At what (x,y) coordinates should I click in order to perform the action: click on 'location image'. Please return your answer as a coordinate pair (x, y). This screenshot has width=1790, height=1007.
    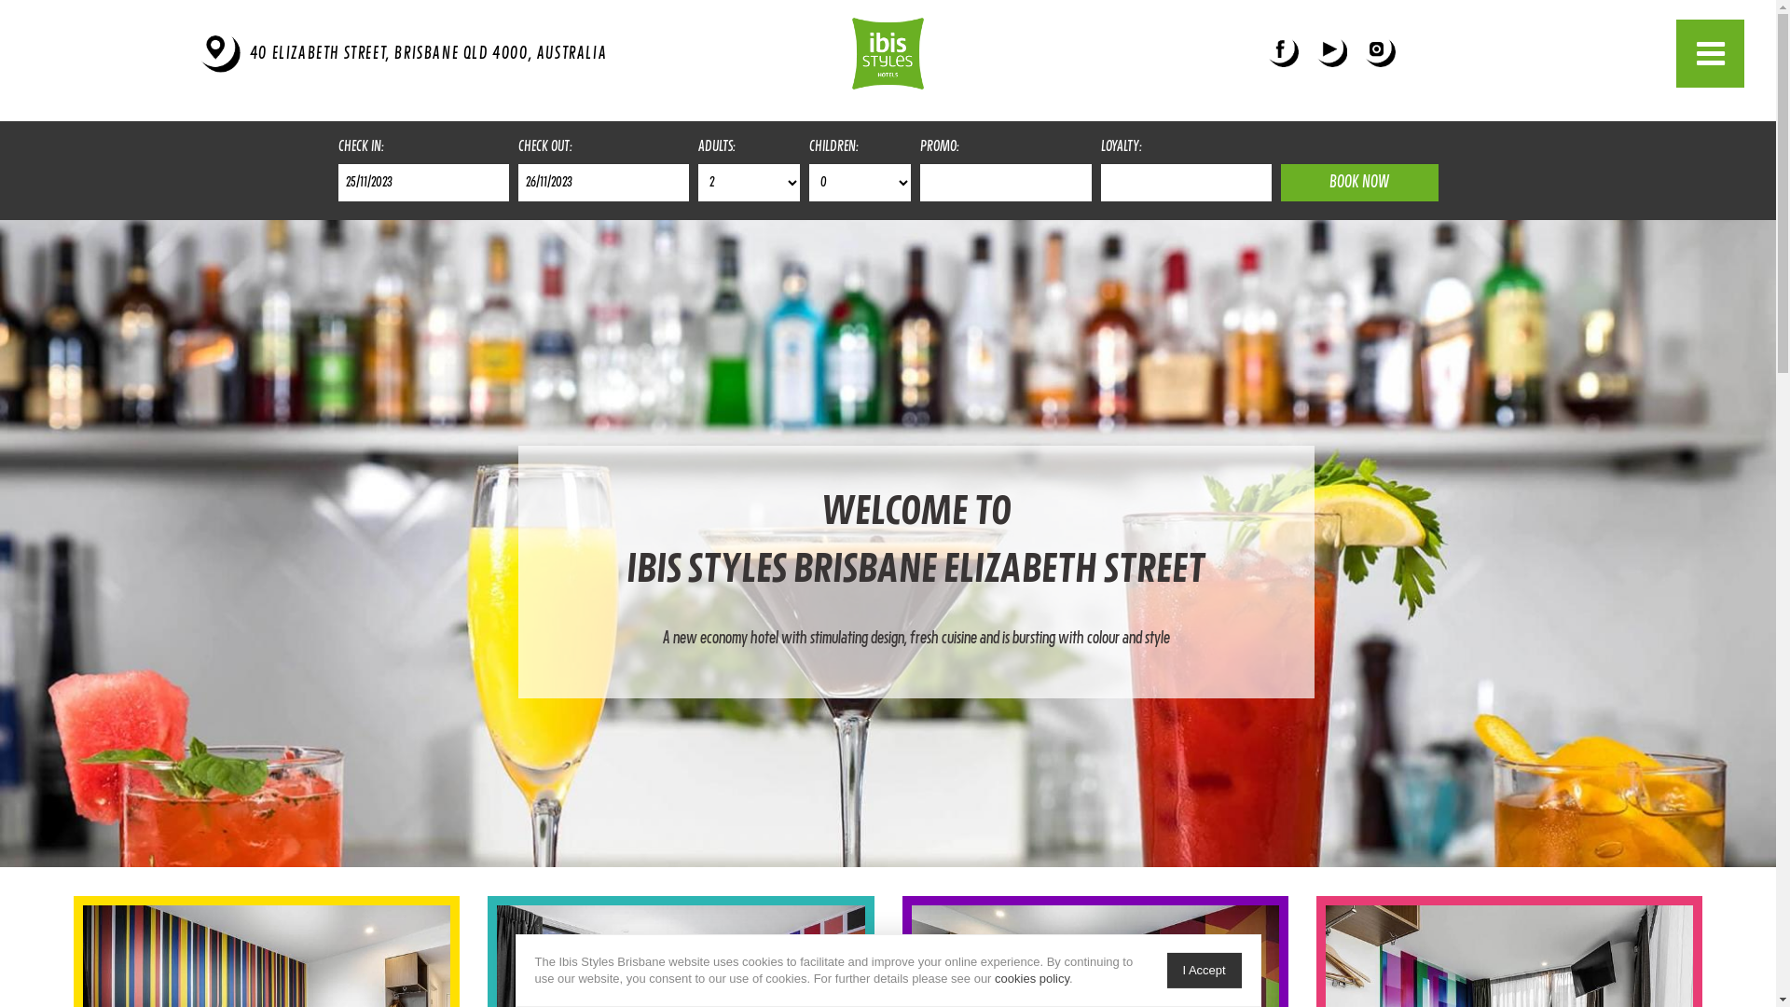
    Looking at the image, I should click on (201, 52).